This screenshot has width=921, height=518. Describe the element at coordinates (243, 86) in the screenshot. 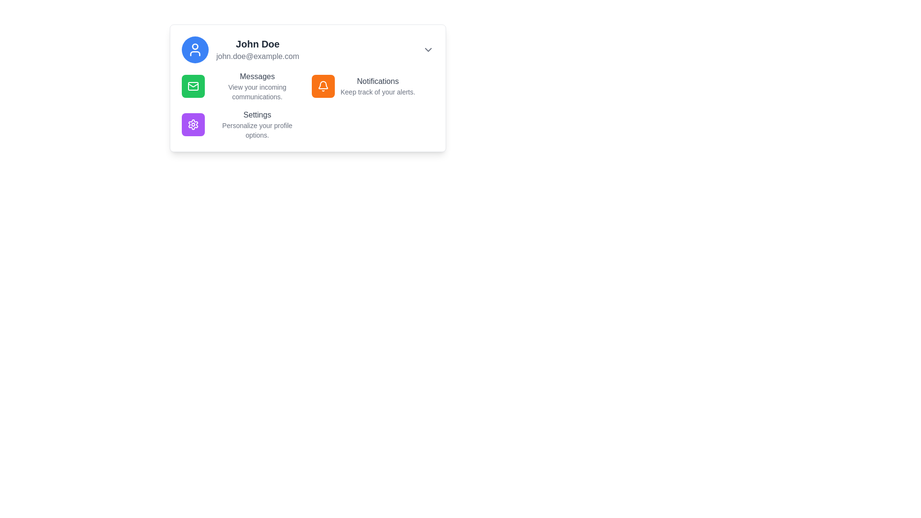

I see `the 'Messages' interactive navigation item, which features a green envelope icon and text indicating incoming communications` at that location.